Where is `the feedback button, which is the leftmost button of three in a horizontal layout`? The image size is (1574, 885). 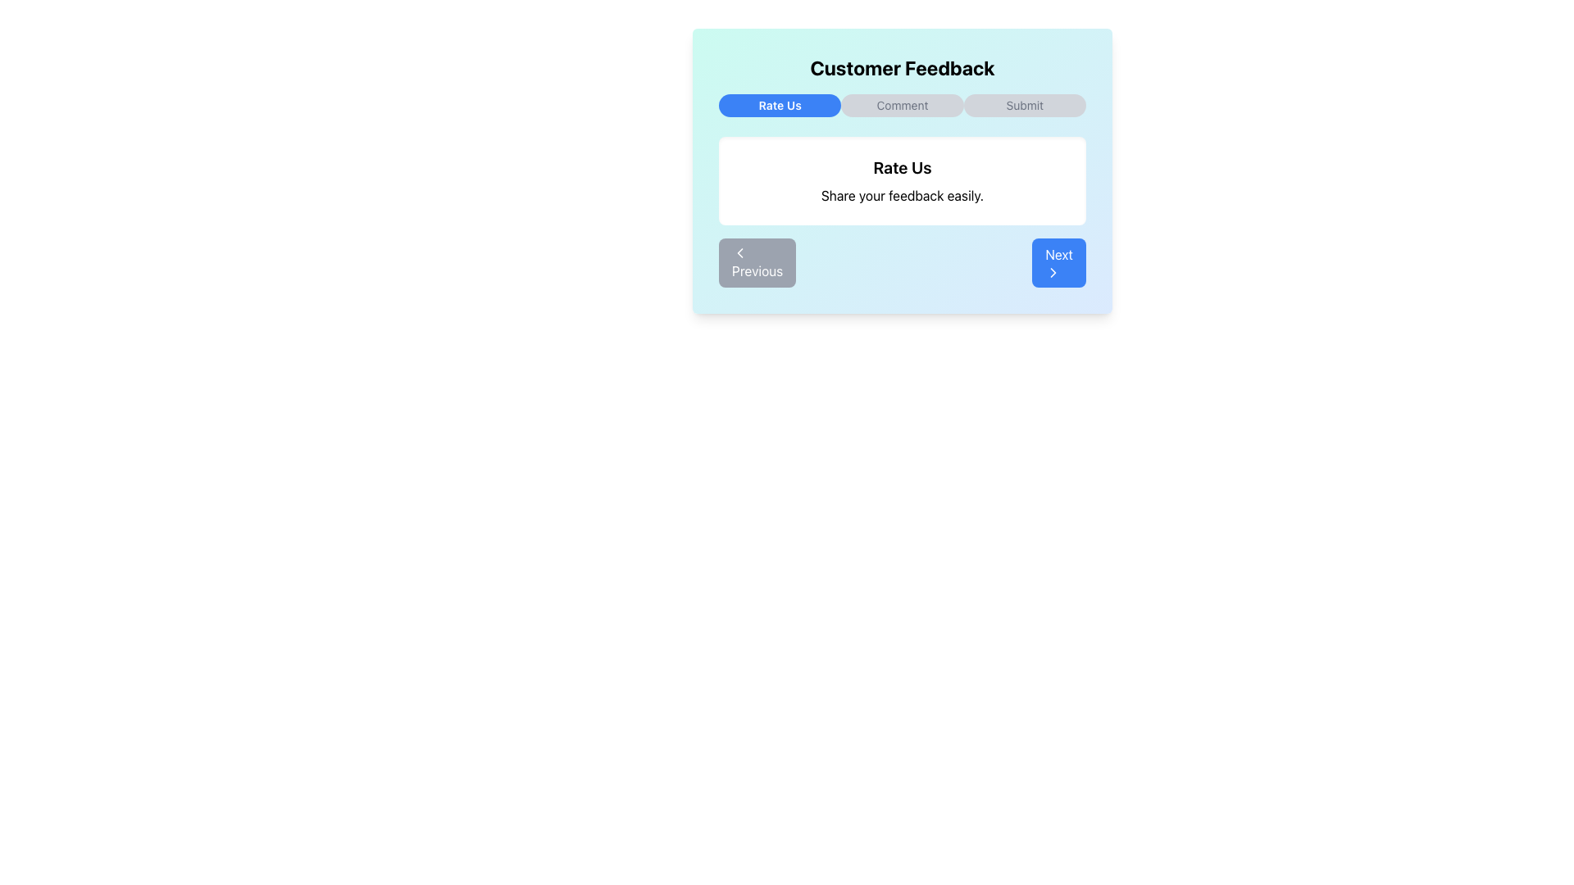 the feedback button, which is the leftmost button of three in a horizontal layout is located at coordinates (779, 105).